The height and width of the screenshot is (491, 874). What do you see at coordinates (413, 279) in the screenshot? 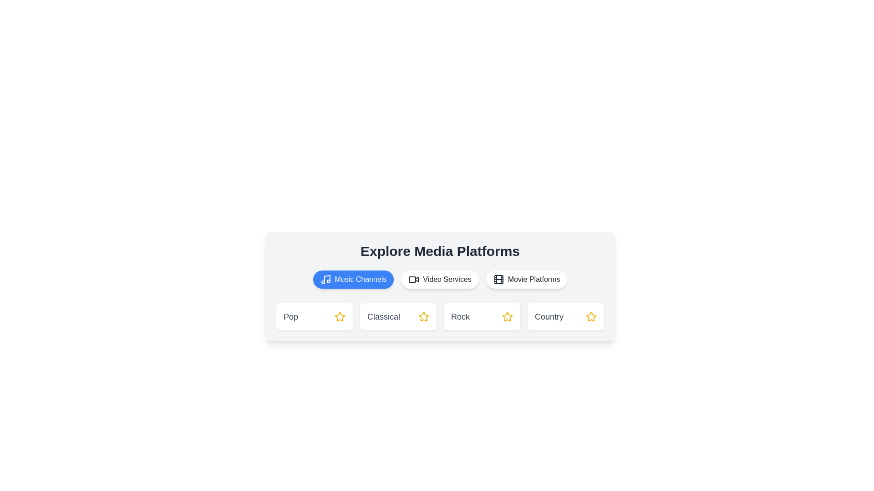
I see `the video camera icon within the 'Video Services' button in the horizontal category tabs under 'Explore Media Platforms'` at bounding box center [413, 279].